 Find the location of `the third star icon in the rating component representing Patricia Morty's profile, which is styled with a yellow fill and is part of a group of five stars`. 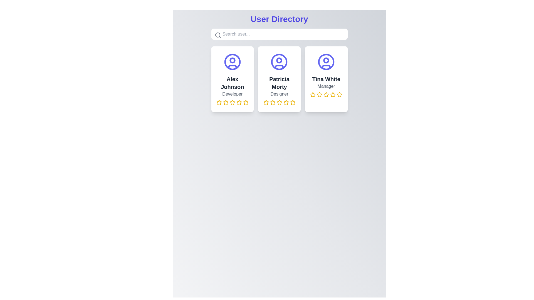

the third star icon in the rating component representing Patricia Morty's profile, which is styled with a yellow fill and is part of a group of five stars is located at coordinates (273, 102).